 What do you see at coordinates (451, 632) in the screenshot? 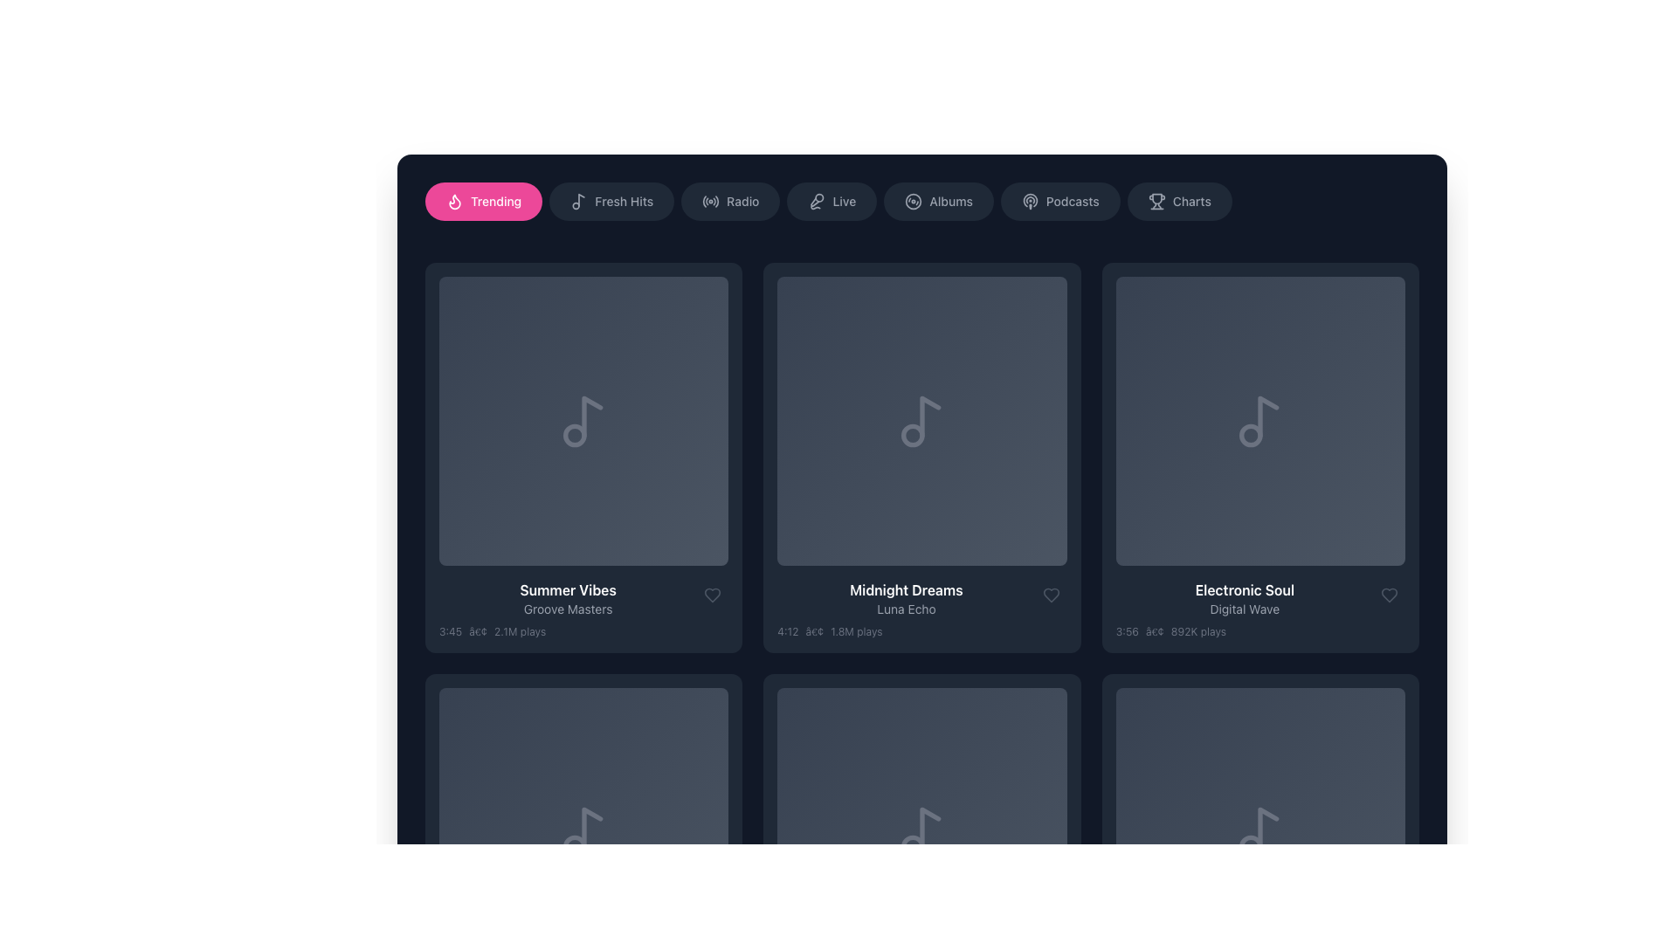
I see `the text label displaying '3:45' in gray color, located under the 'Summer Vibes' album block` at bounding box center [451, 632].